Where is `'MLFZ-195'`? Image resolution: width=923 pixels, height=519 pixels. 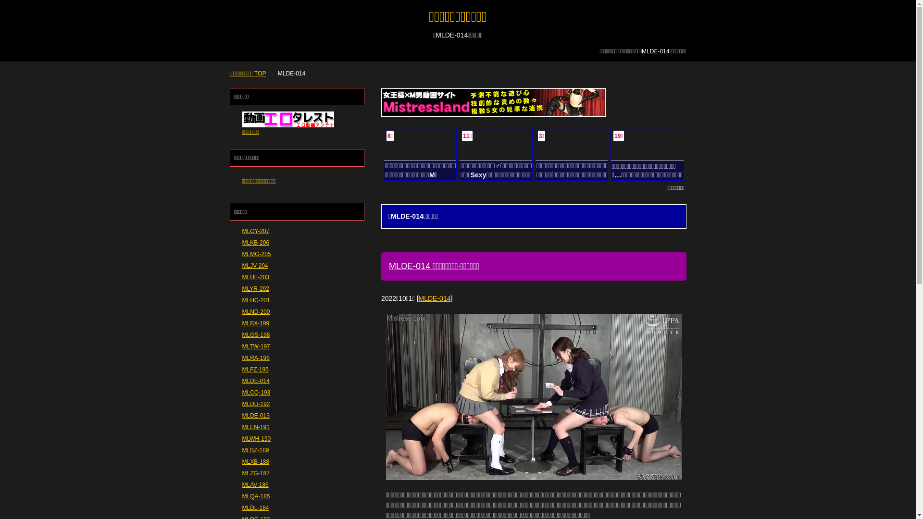 'MLFZ-195' is located at coordinates (255, 369).